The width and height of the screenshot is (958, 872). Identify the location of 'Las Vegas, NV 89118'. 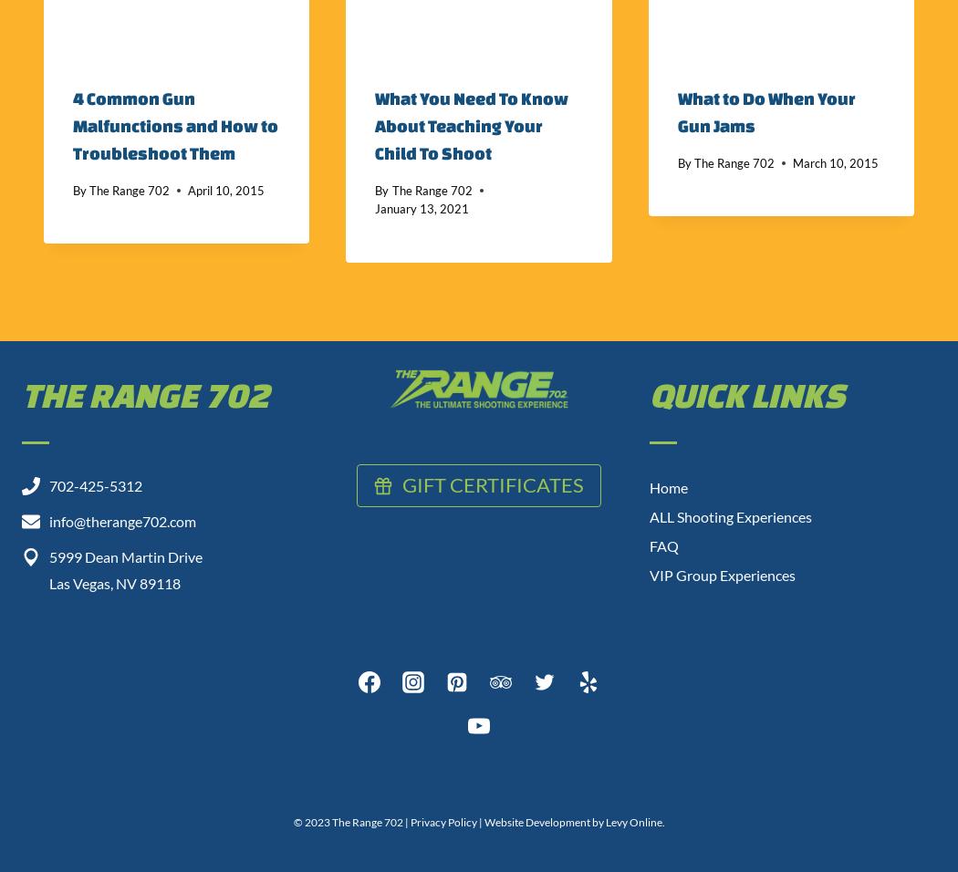
(114, 582).